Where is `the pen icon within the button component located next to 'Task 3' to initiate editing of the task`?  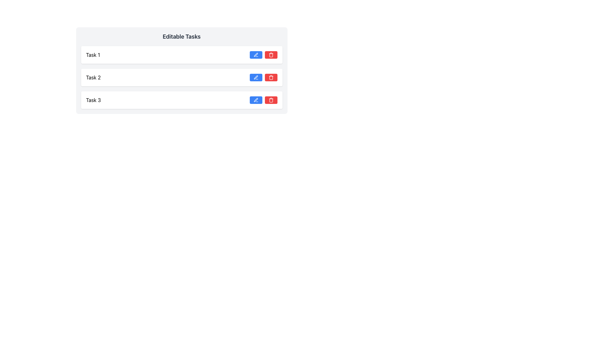
the pen icon within the button component located next to 'Task 3' to initiate editing of the task is located at coordinates (256, 100).